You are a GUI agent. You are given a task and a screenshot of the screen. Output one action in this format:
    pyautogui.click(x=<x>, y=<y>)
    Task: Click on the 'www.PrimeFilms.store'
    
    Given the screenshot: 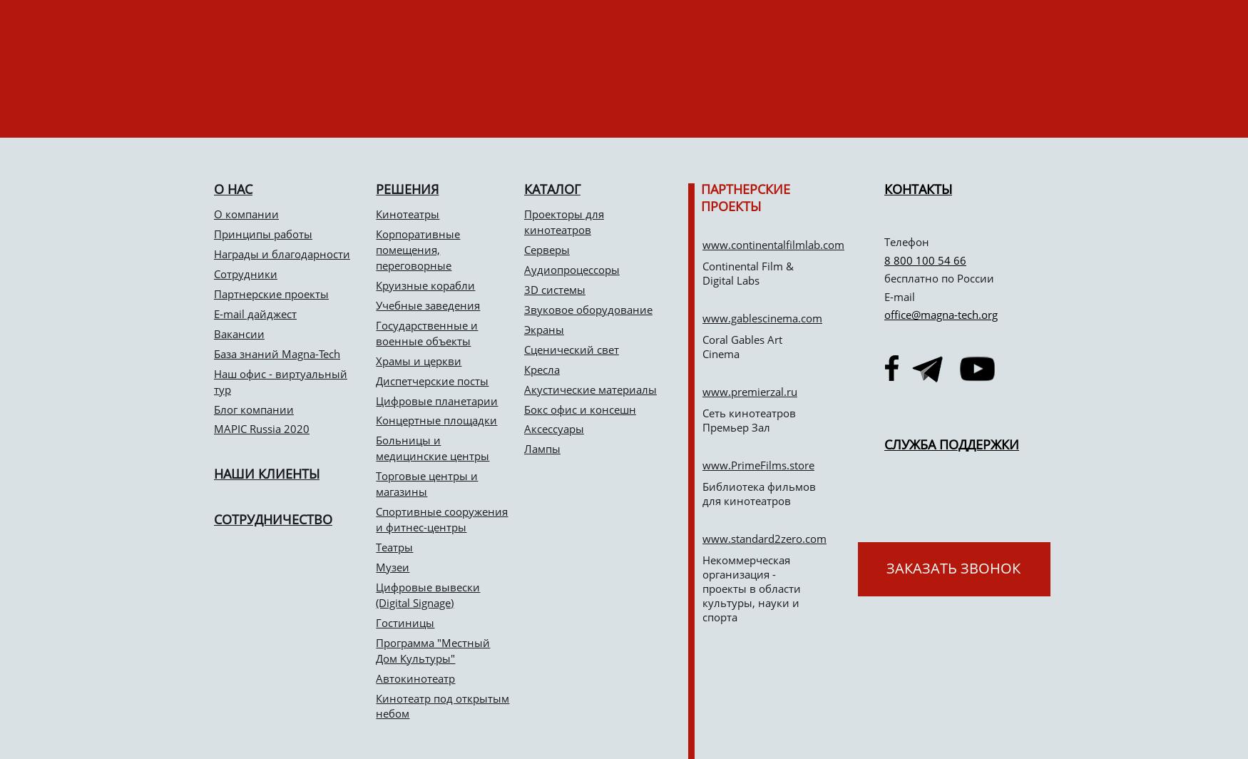 What is the action you would take?
    pyautogui.click(x=757, y=465)
    